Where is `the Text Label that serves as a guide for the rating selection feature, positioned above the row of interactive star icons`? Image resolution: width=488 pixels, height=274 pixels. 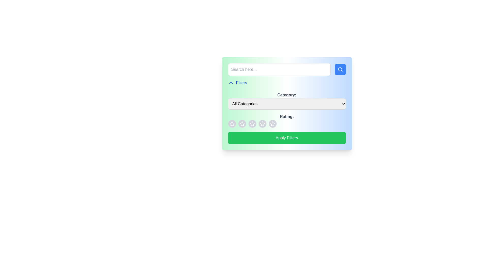 the Text Label that serves as a guide for the rating selection feature, positioned above the row of interactive star icons is located at coordinates (287, 116).